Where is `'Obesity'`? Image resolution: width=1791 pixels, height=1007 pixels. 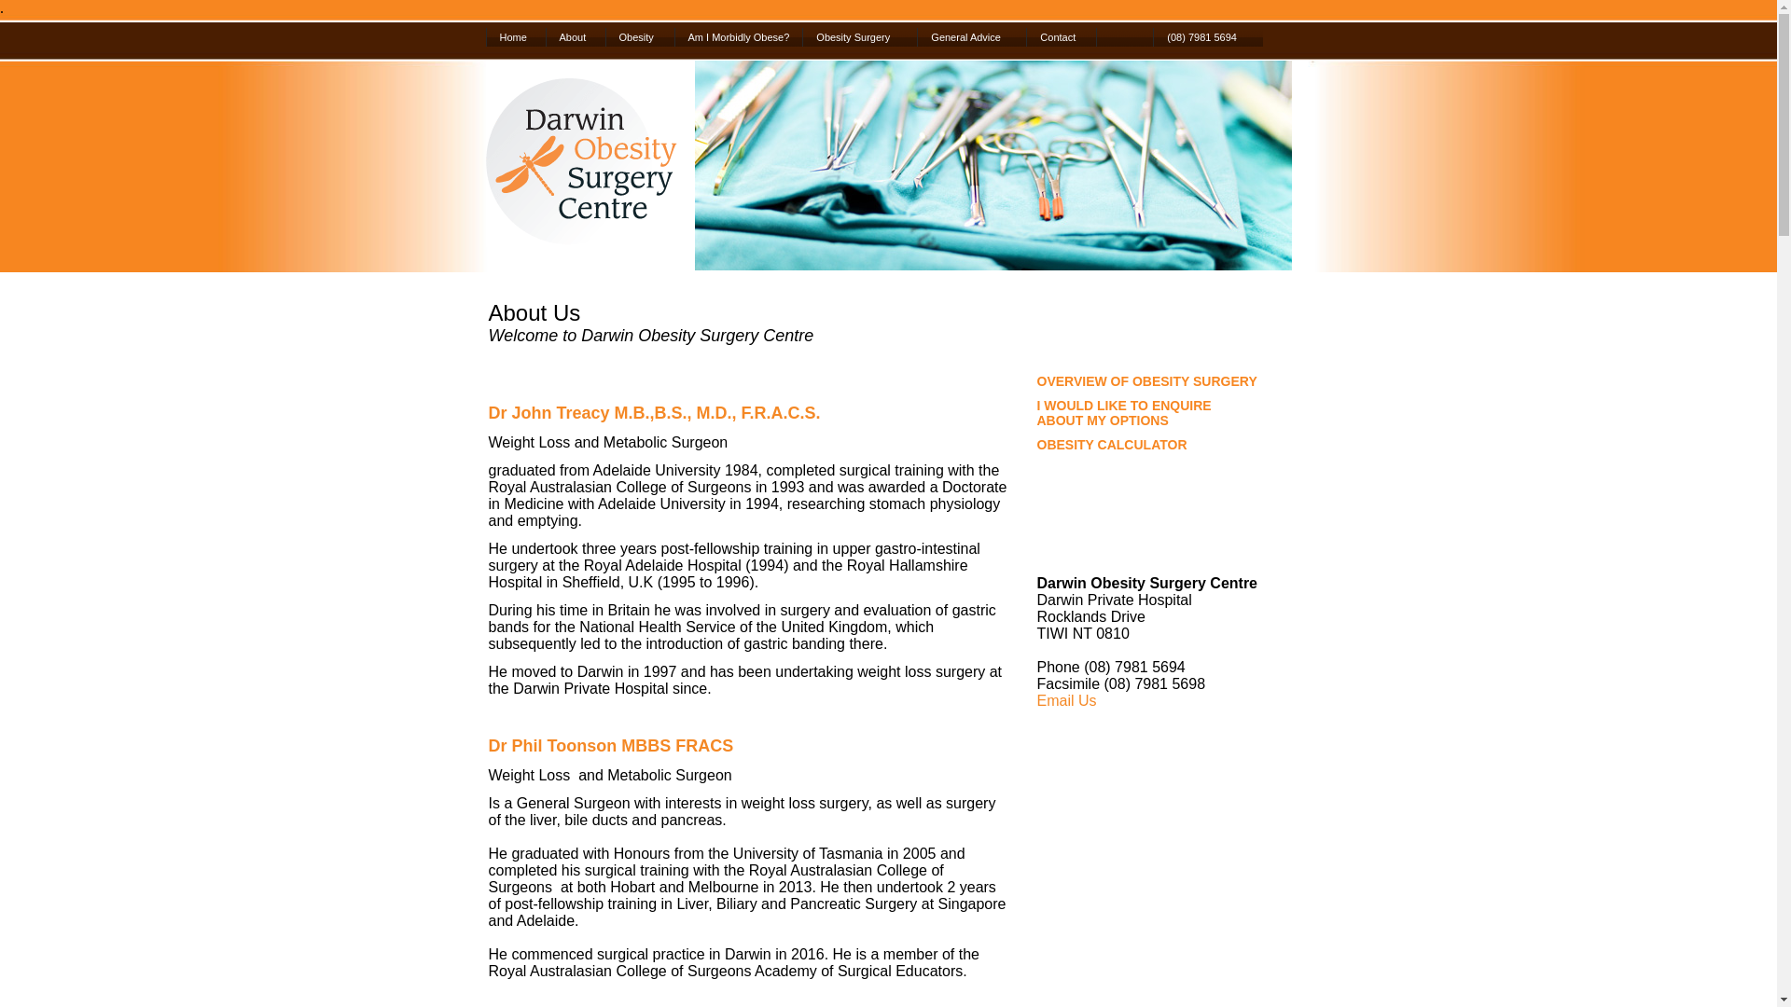
'Obesity' is located at coordinates (604, 36).